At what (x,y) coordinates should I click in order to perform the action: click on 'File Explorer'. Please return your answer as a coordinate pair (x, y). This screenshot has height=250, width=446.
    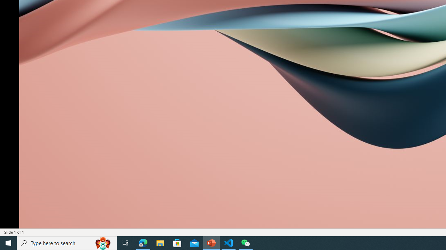
    Looking at the image, I should click on (160, 242).